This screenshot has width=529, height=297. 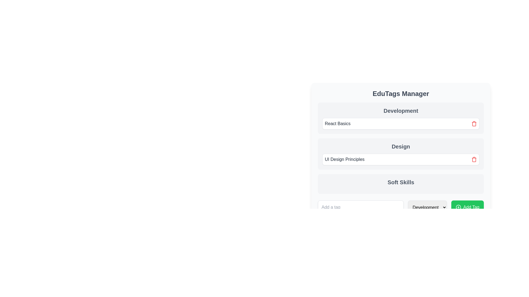 I want to click on the Grid layout containing categorized sections for displaying tags like 'Development', 'Design', and 'Soft Skills' within the 'EduTags Manager' interface, so click(x=401, y=148).